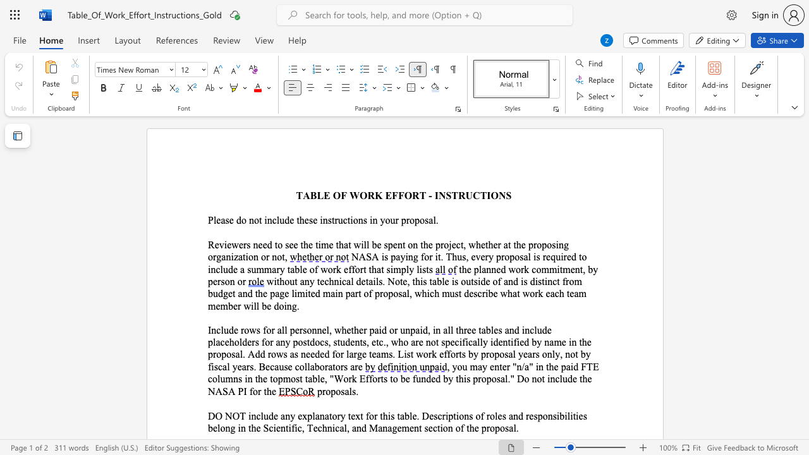  Describe the element at coordinates (515, 342) in the screenshot. I see `the 1th character "f" in the text` at that location.